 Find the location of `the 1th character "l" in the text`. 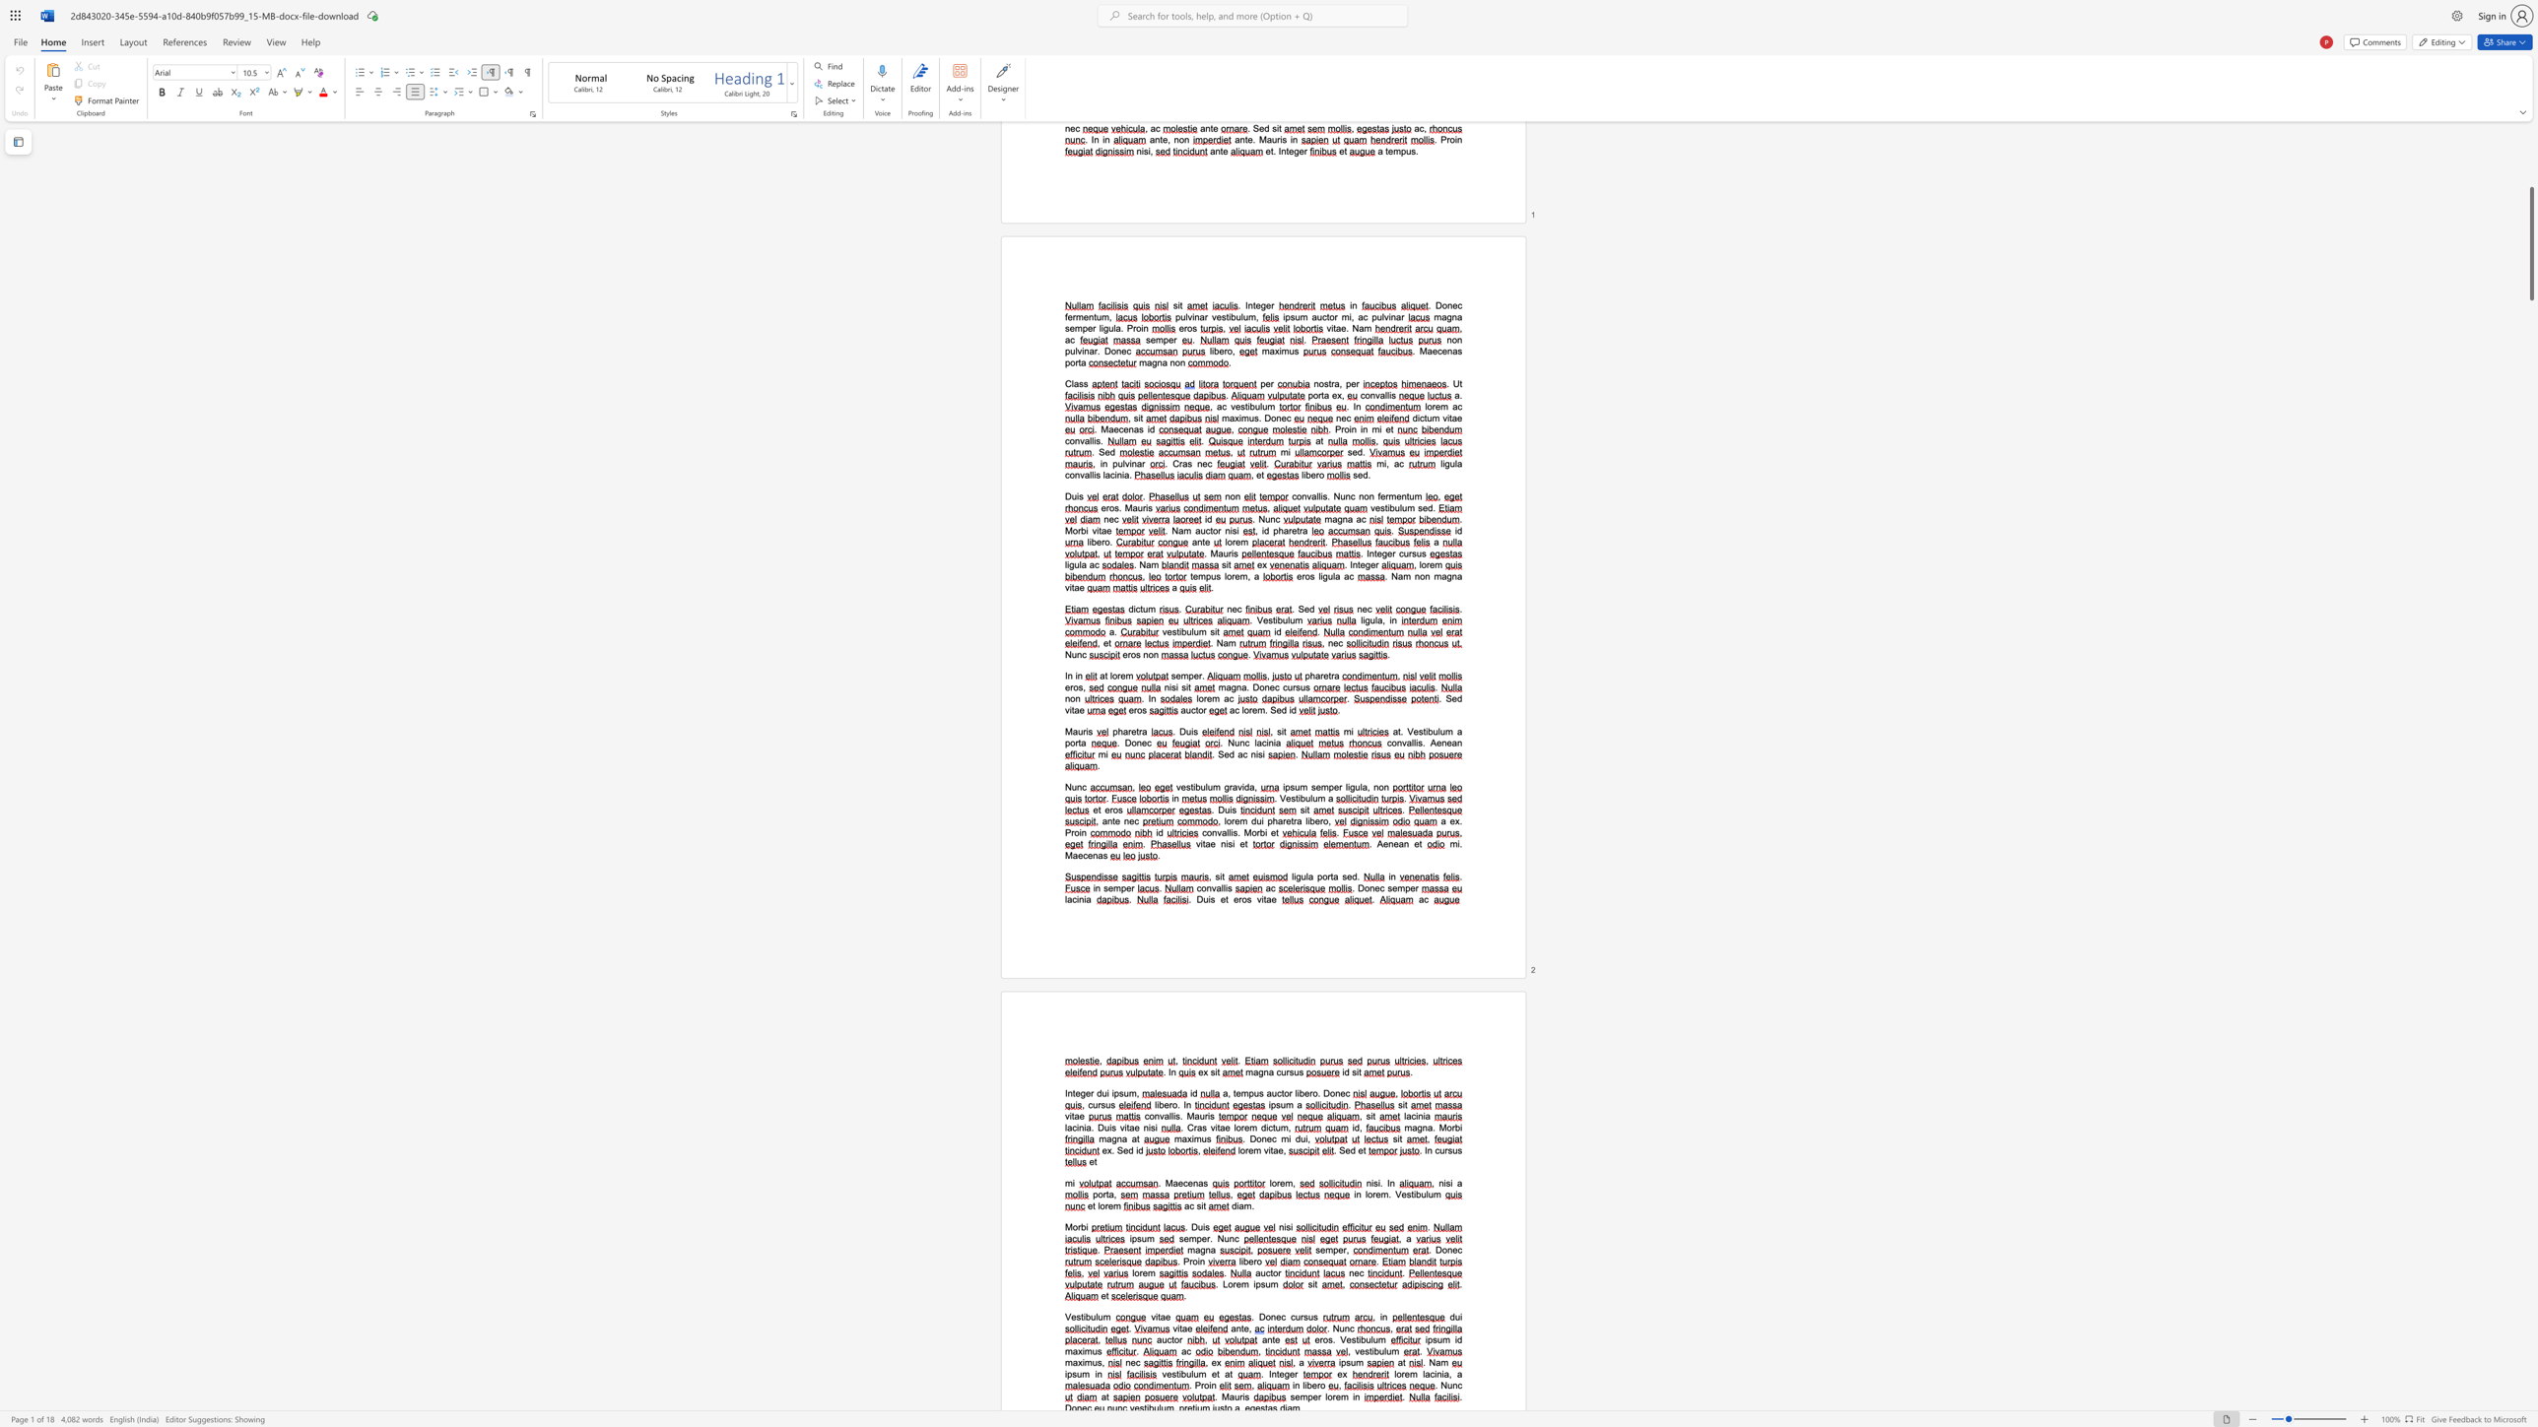

the 1th character "l" in the text is located at coordinates (1395, 1374).